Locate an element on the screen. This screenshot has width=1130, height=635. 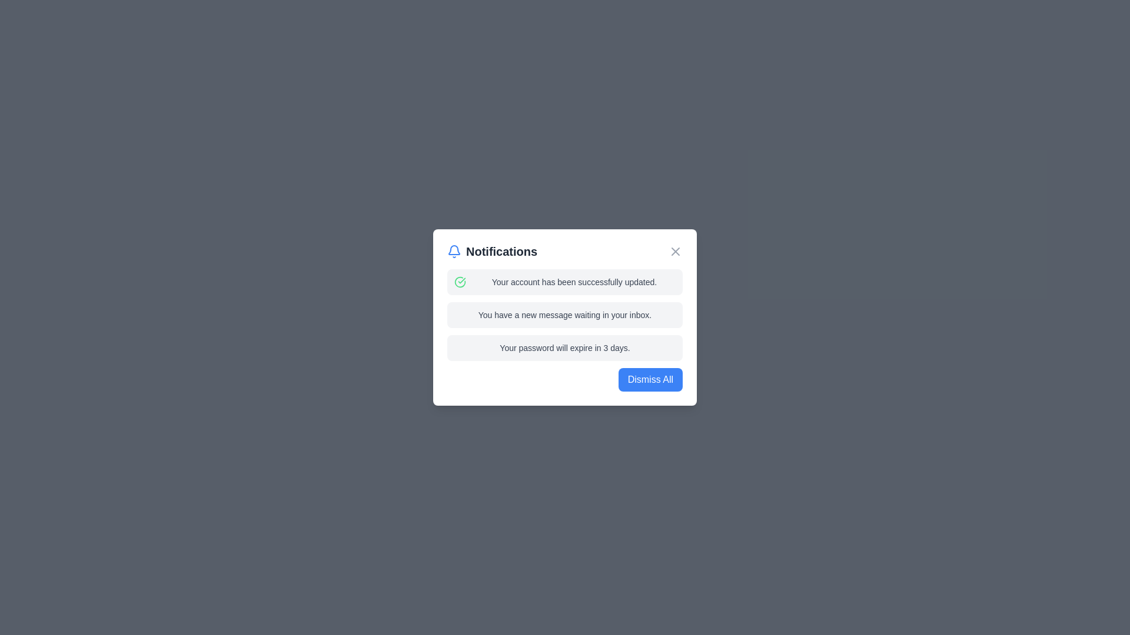
the close button (X) to close the notification dialog is located at coordinates (675, 251).